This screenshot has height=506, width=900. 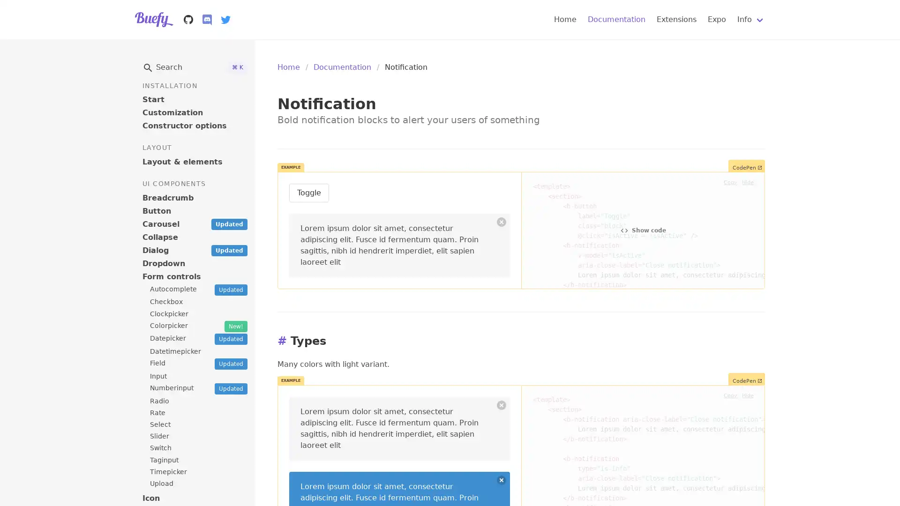 What do you see at coordinates (730, 180) in the screenshot?
I see `Copy` at bounding box center [730, 180].